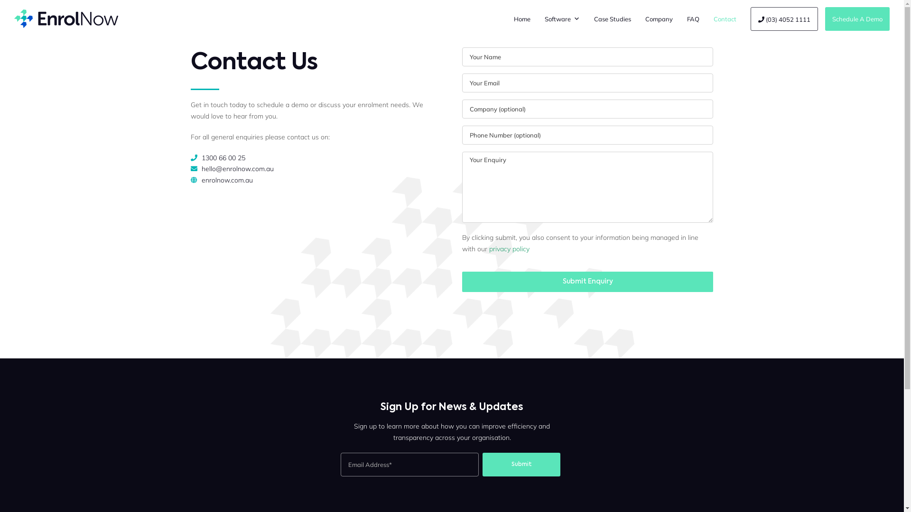 Image resolution: width=911 pixels, height=512 pixels. What do you see at coordinates (237, 168) in the screenshot?
I see `'hello@enrolnow.com.au'` at bounding box center [237, 168].